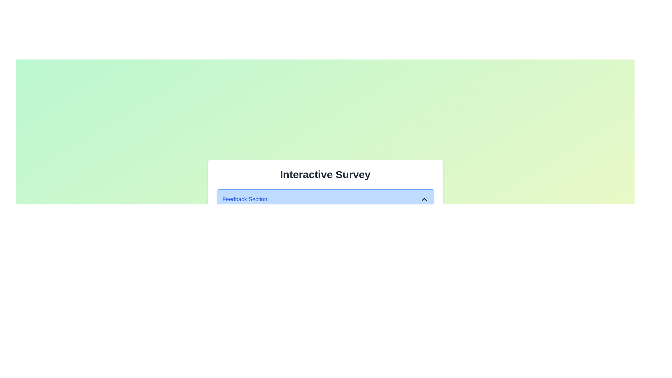  Describe the element at coordinates (325, 174) in the screenshot. I see `text content of the heading labeled 'Interactive Survey', which is styled in bold and large font at the top of the survey interface` at that location.